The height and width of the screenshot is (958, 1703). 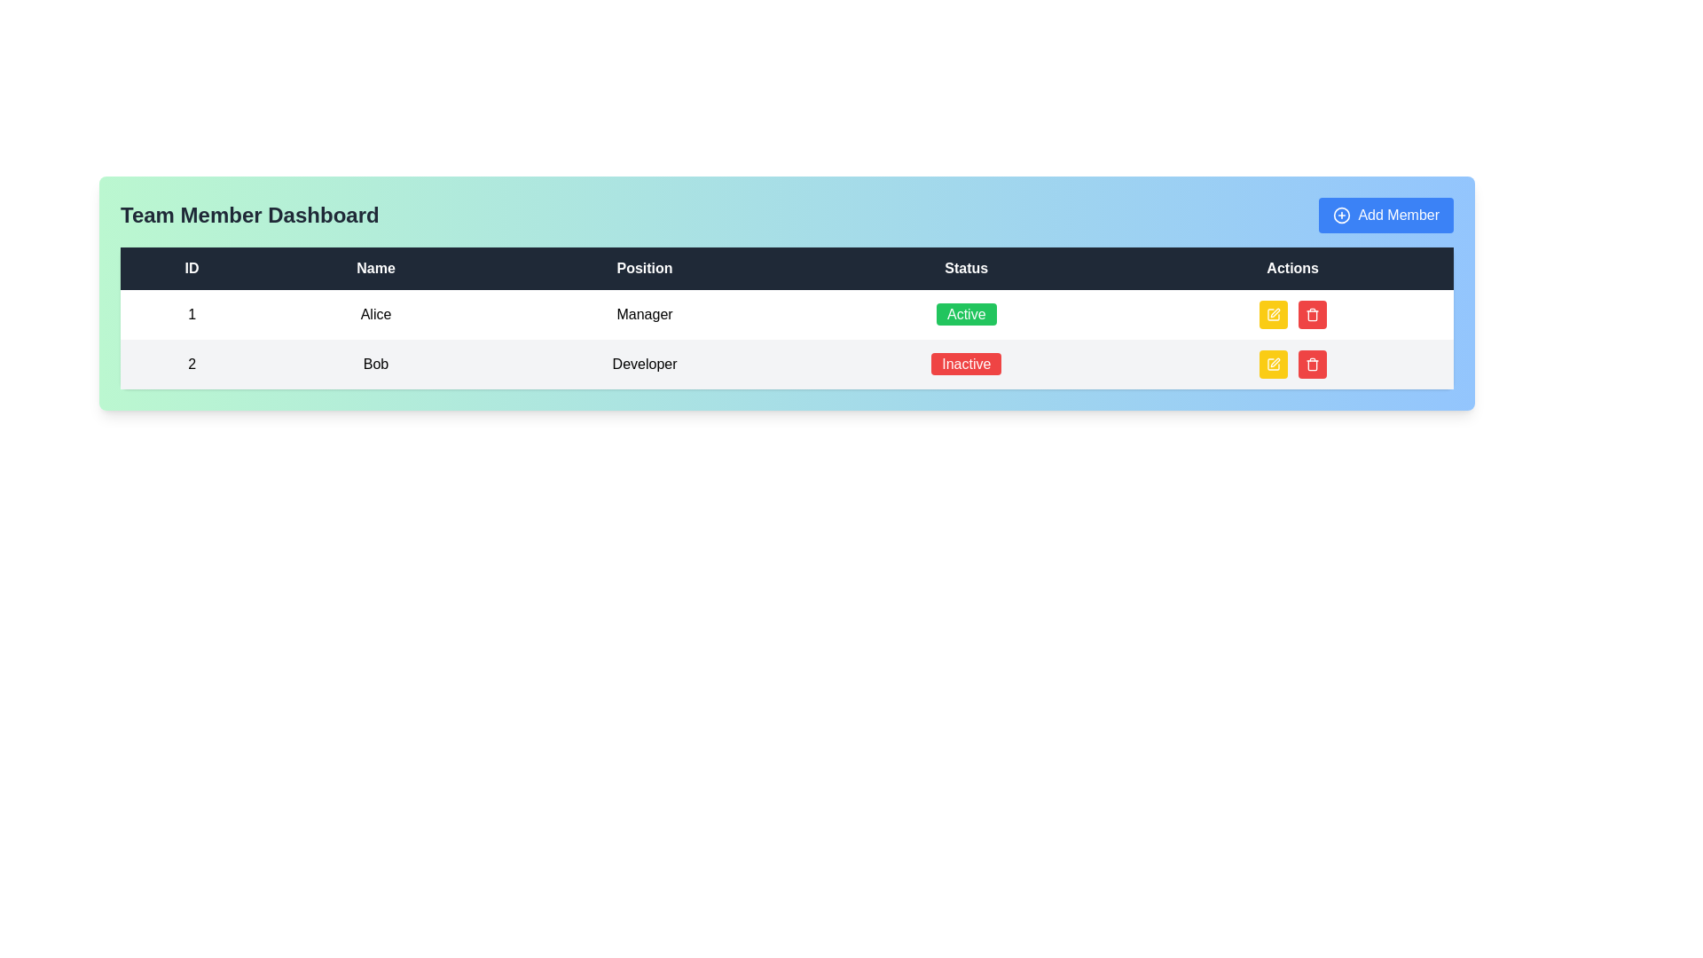 What do you see at coordinates (1342, 215) in the screenshot?
I see `the circular icon with a blue background and a white plus symbol, which is part of the 'Add Member' button located at the top-right corner of the interface` at bounding box center [1342, 215].